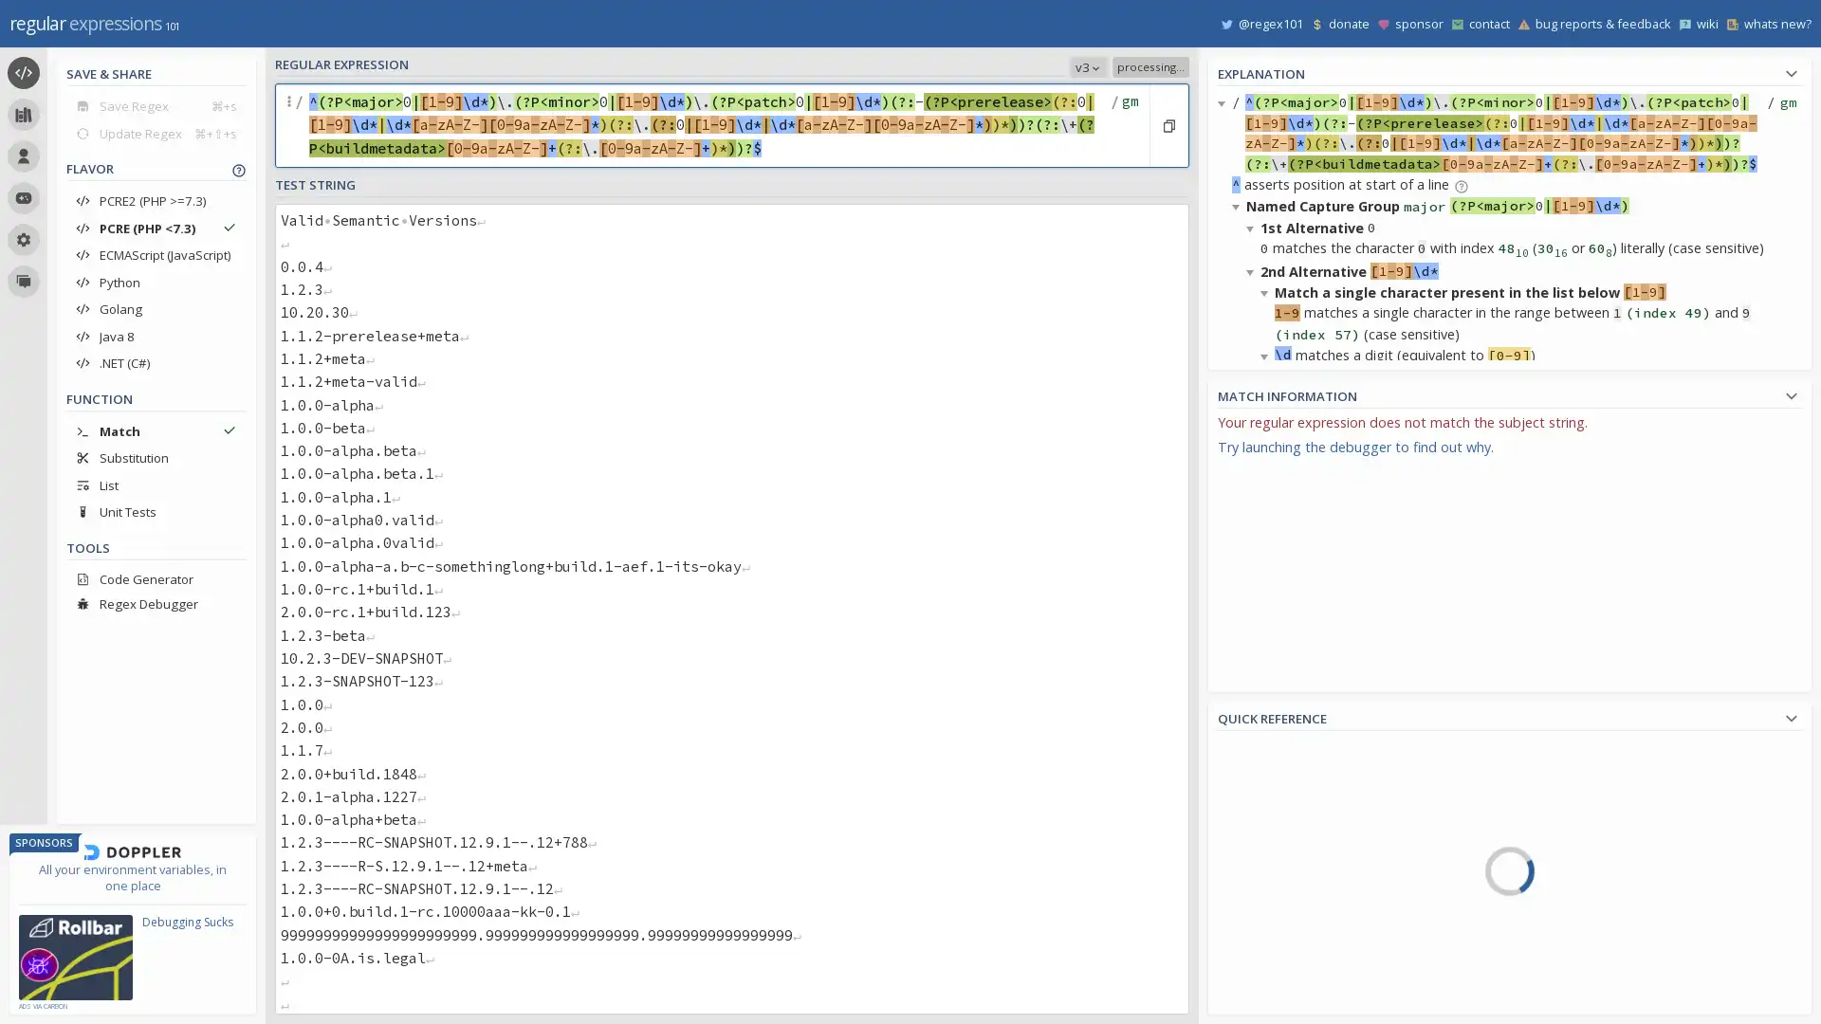 The image size is (1821, 1024). I want to click on Set Regex Options, so click(1128, 125).